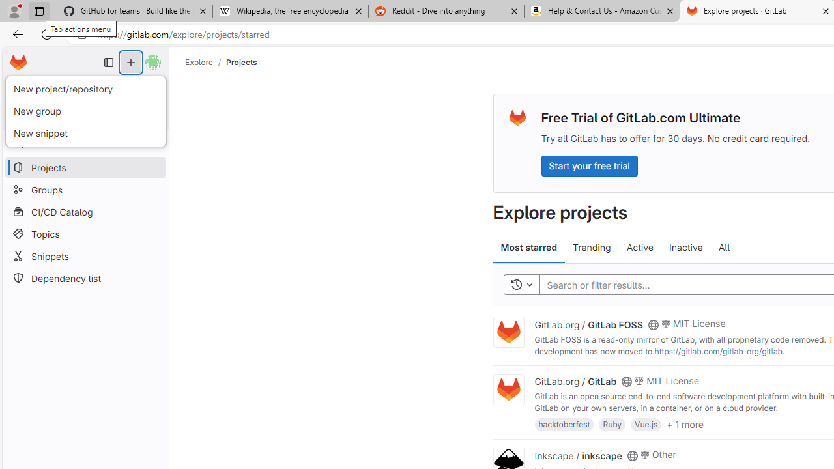 Image resolution: width=834 pixels, height=469 pixels. I want to click on 'Primary navigation sidebar', so click(109, 63).